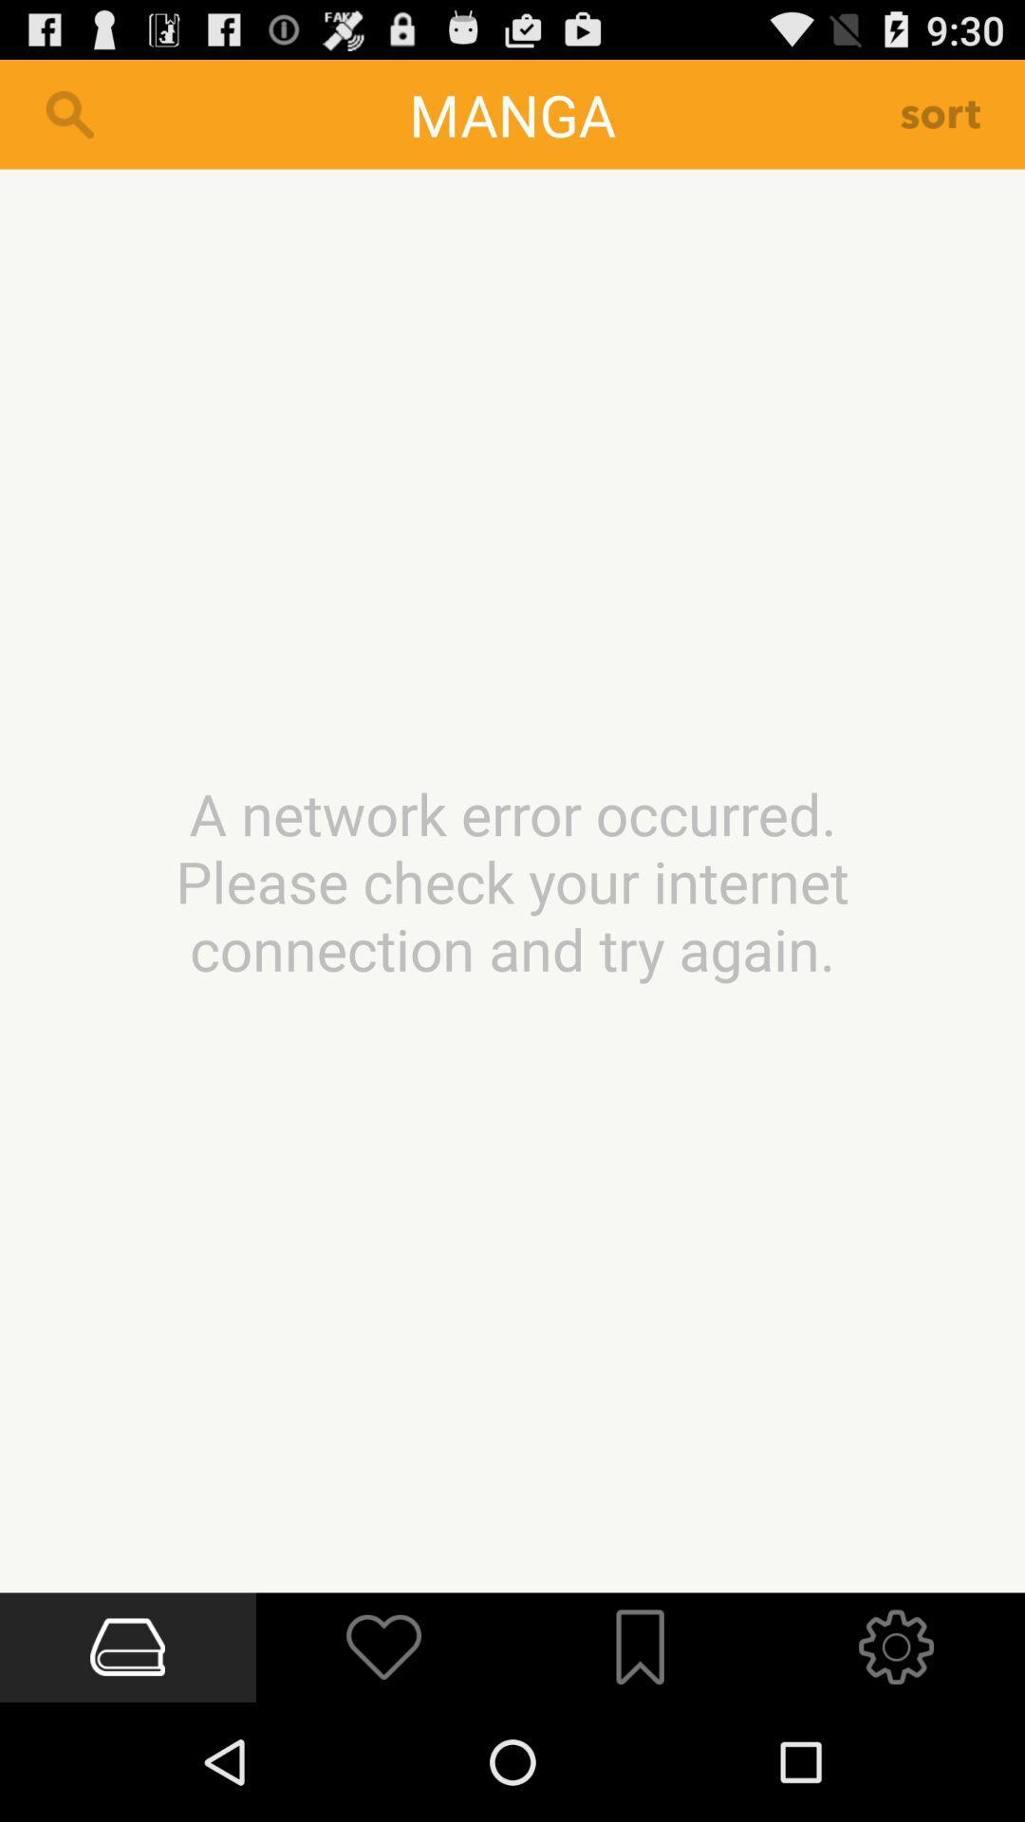 This screenshot has height=1822, width=1025. Describe the element at coordinates (68, 121) in the screenshot. I see `the search icon` at that location.